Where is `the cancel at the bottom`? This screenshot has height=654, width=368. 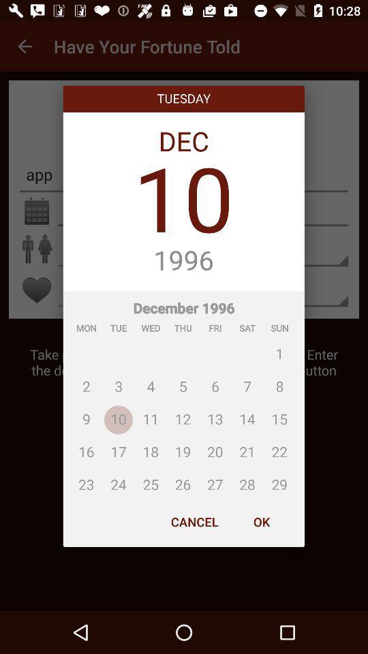 the cancel at the bottom is located at coordinates (194, 521).